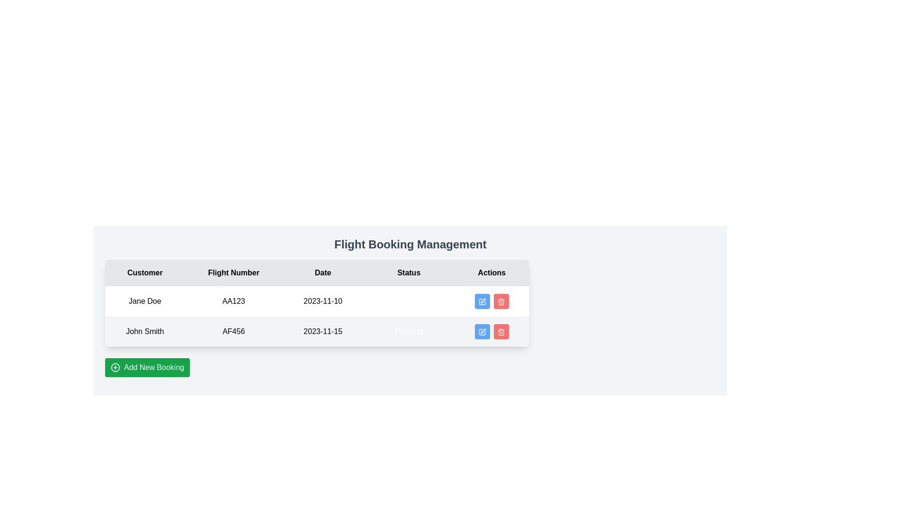 This screenshot has width=909, height=511. Describe the element at coordinates (491, 273) in the screenshot. I see `the 'Actions' table header element, which features bold black text on a light gray background, positioned as the fifth header cell in the table` at that location.